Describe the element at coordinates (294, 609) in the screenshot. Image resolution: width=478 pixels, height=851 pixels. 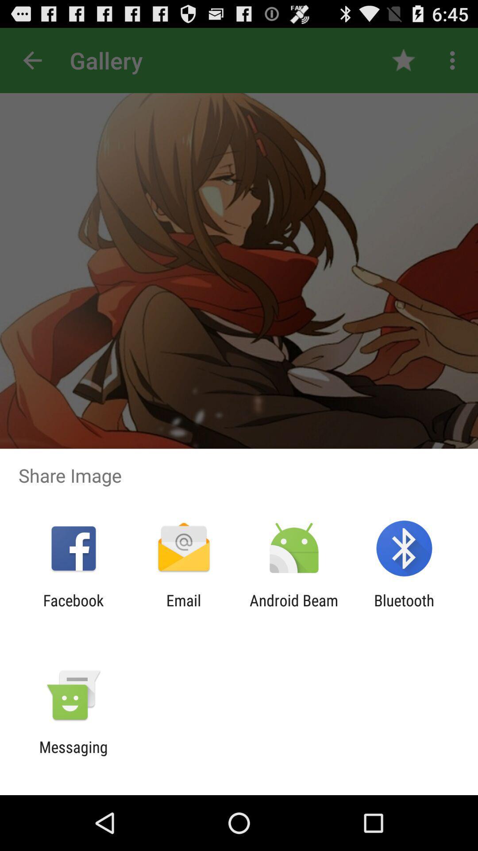
I see `android beam app` at that location.